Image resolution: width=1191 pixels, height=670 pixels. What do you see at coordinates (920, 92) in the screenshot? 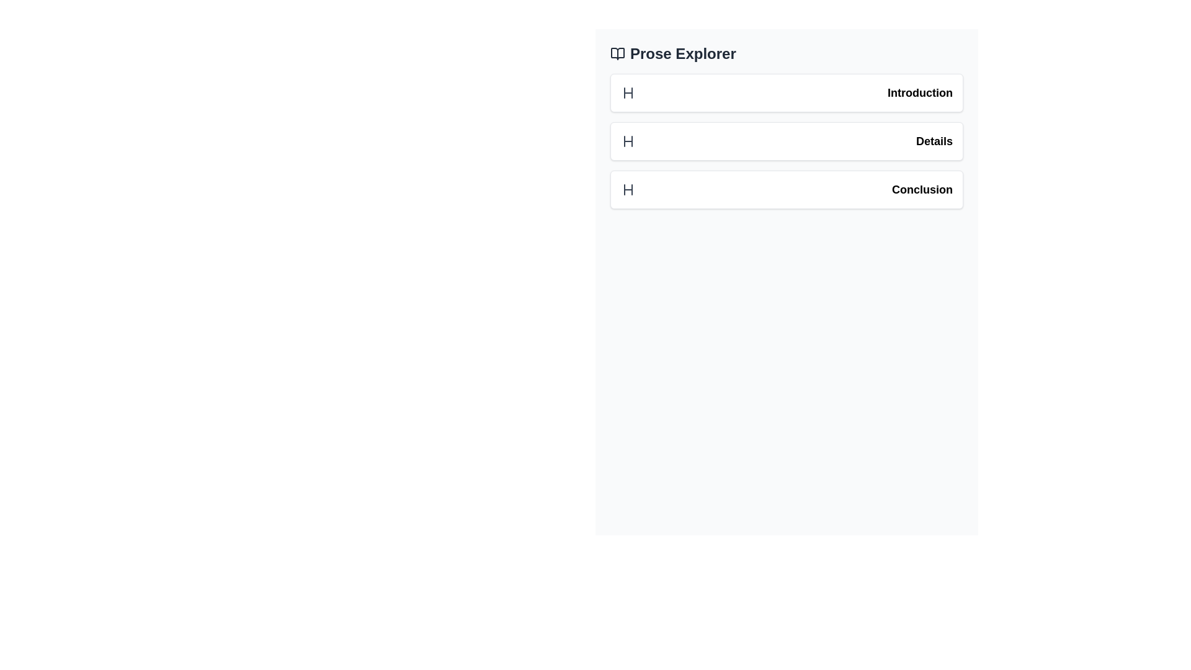
I see `text label displaying 'Introduction' in bold, large font located at the upper section of the interface under 'Prose Explorer'` at bounding box center [920, 92].